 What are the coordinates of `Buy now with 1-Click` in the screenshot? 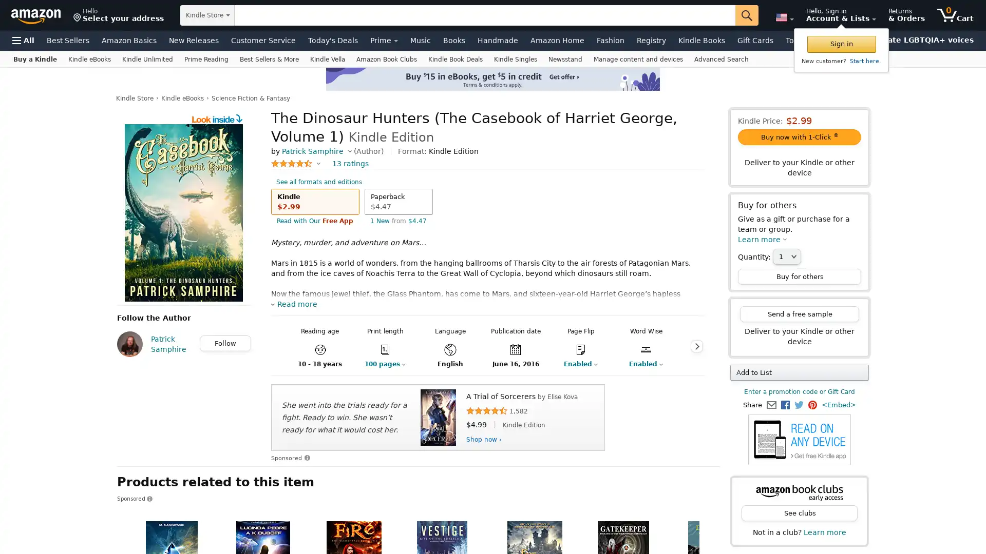 It's located at (799, 136).